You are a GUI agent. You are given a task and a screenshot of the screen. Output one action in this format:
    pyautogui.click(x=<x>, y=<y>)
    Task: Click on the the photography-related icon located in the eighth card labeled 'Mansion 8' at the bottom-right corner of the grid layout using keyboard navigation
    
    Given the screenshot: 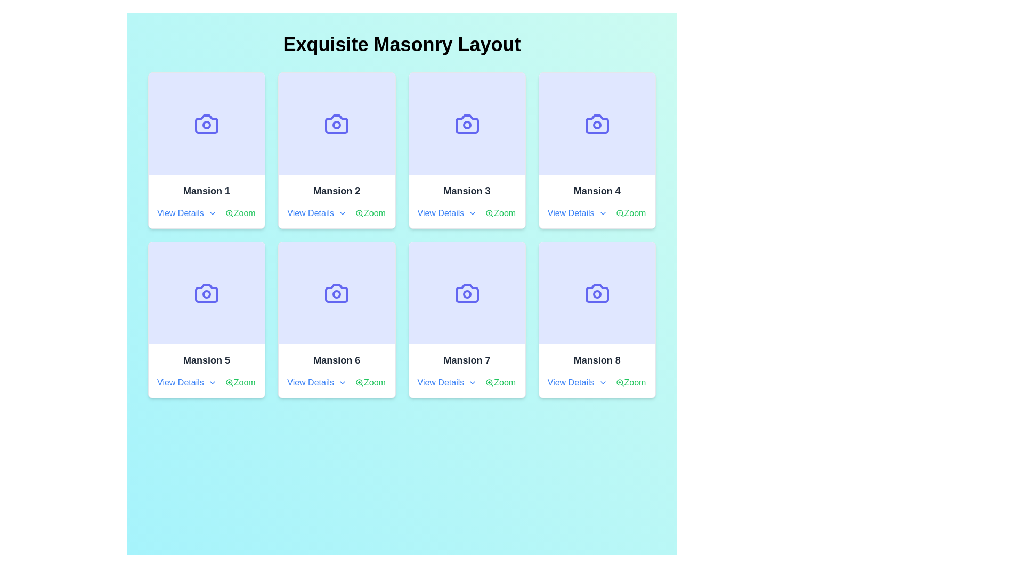 What is the action you would take?
    pyautogui.click(x=597, y=293)
    